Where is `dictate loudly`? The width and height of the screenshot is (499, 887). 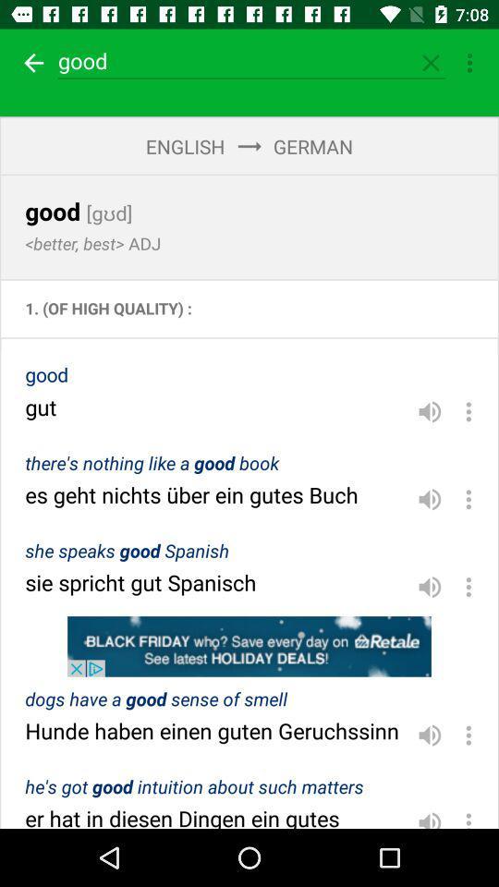
dictate loudly is located at coordinates (430, 815).